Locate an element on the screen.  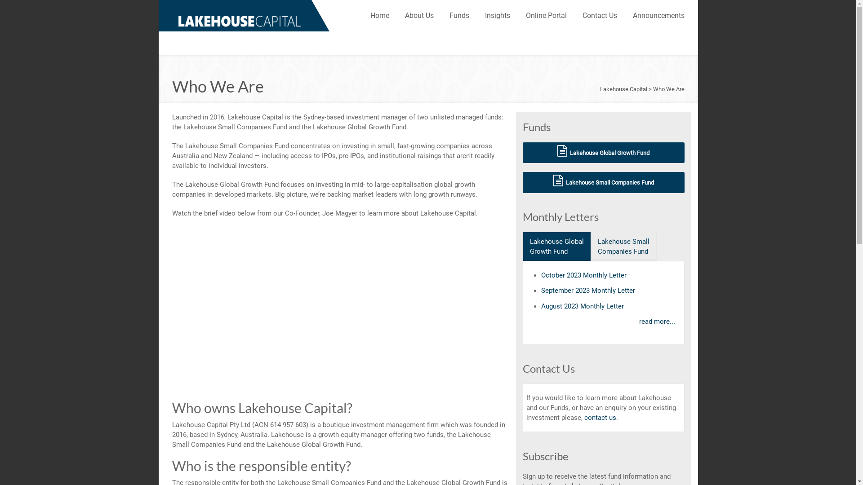
'September 2023 Monthly Letter' is located at coordinates (588, 291).